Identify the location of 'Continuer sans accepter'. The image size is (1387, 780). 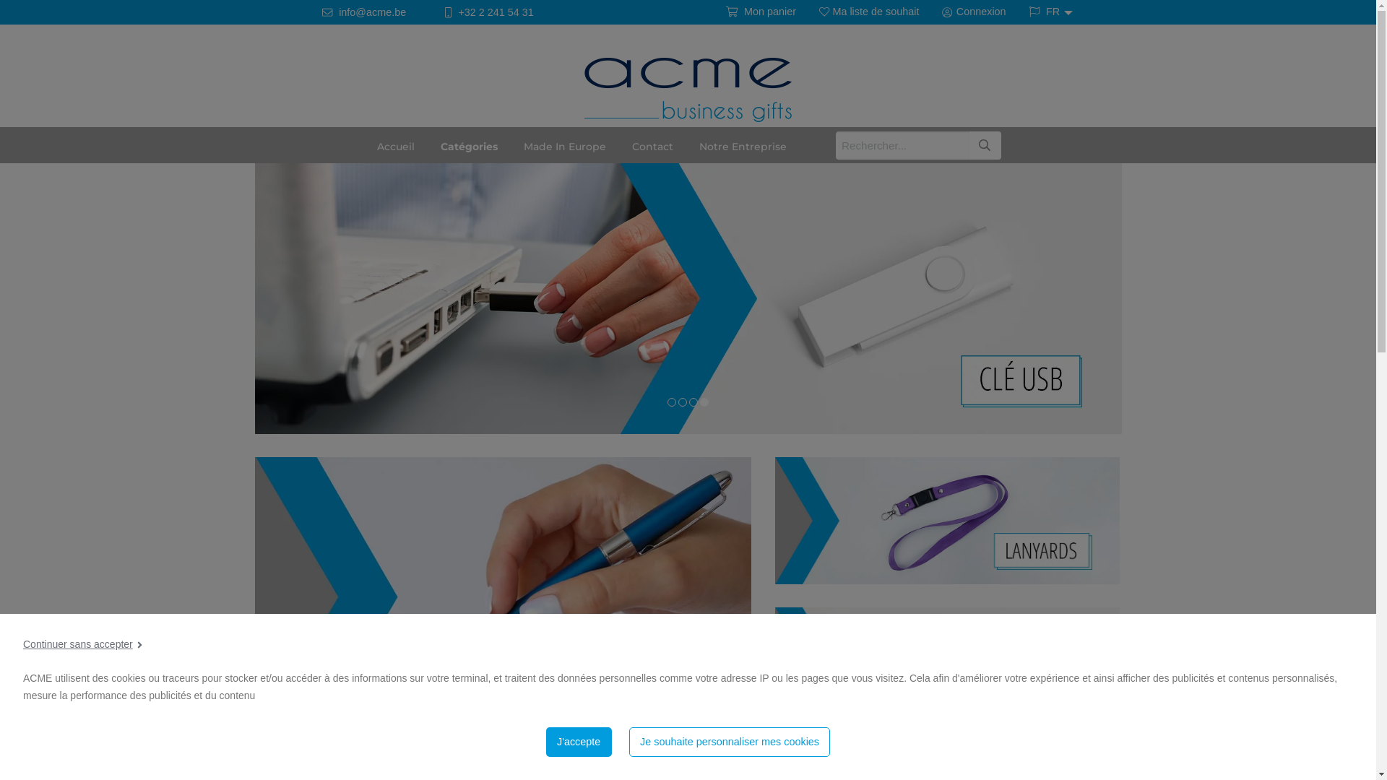
(23, 643).